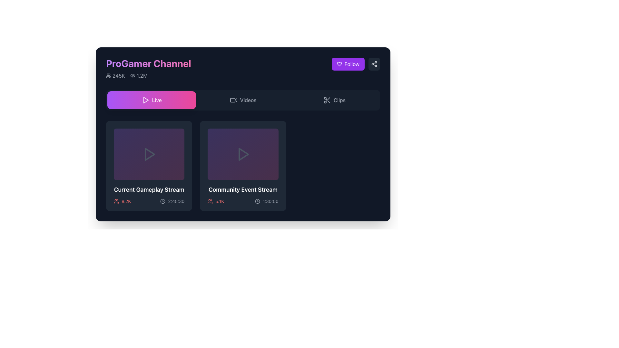 This screenshot has height=348, width=619. I want to click on the triangular play icon, which is a hollow triangle pointing to the right, located in the thumbnail of the video titled 'Current Gameplay Stream', to initiate video playback, so click(149, 154).